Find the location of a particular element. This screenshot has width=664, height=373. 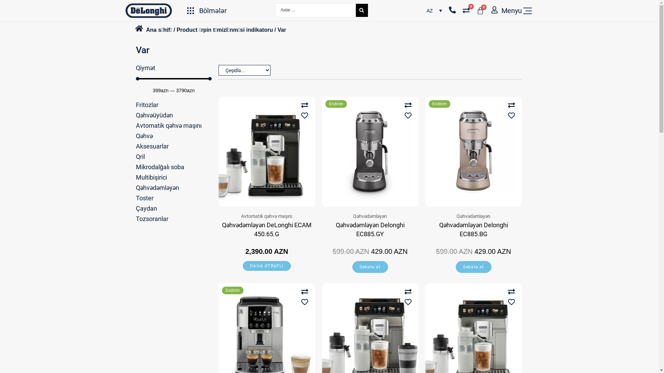

'Qril' is located at coordinates (139, 157).